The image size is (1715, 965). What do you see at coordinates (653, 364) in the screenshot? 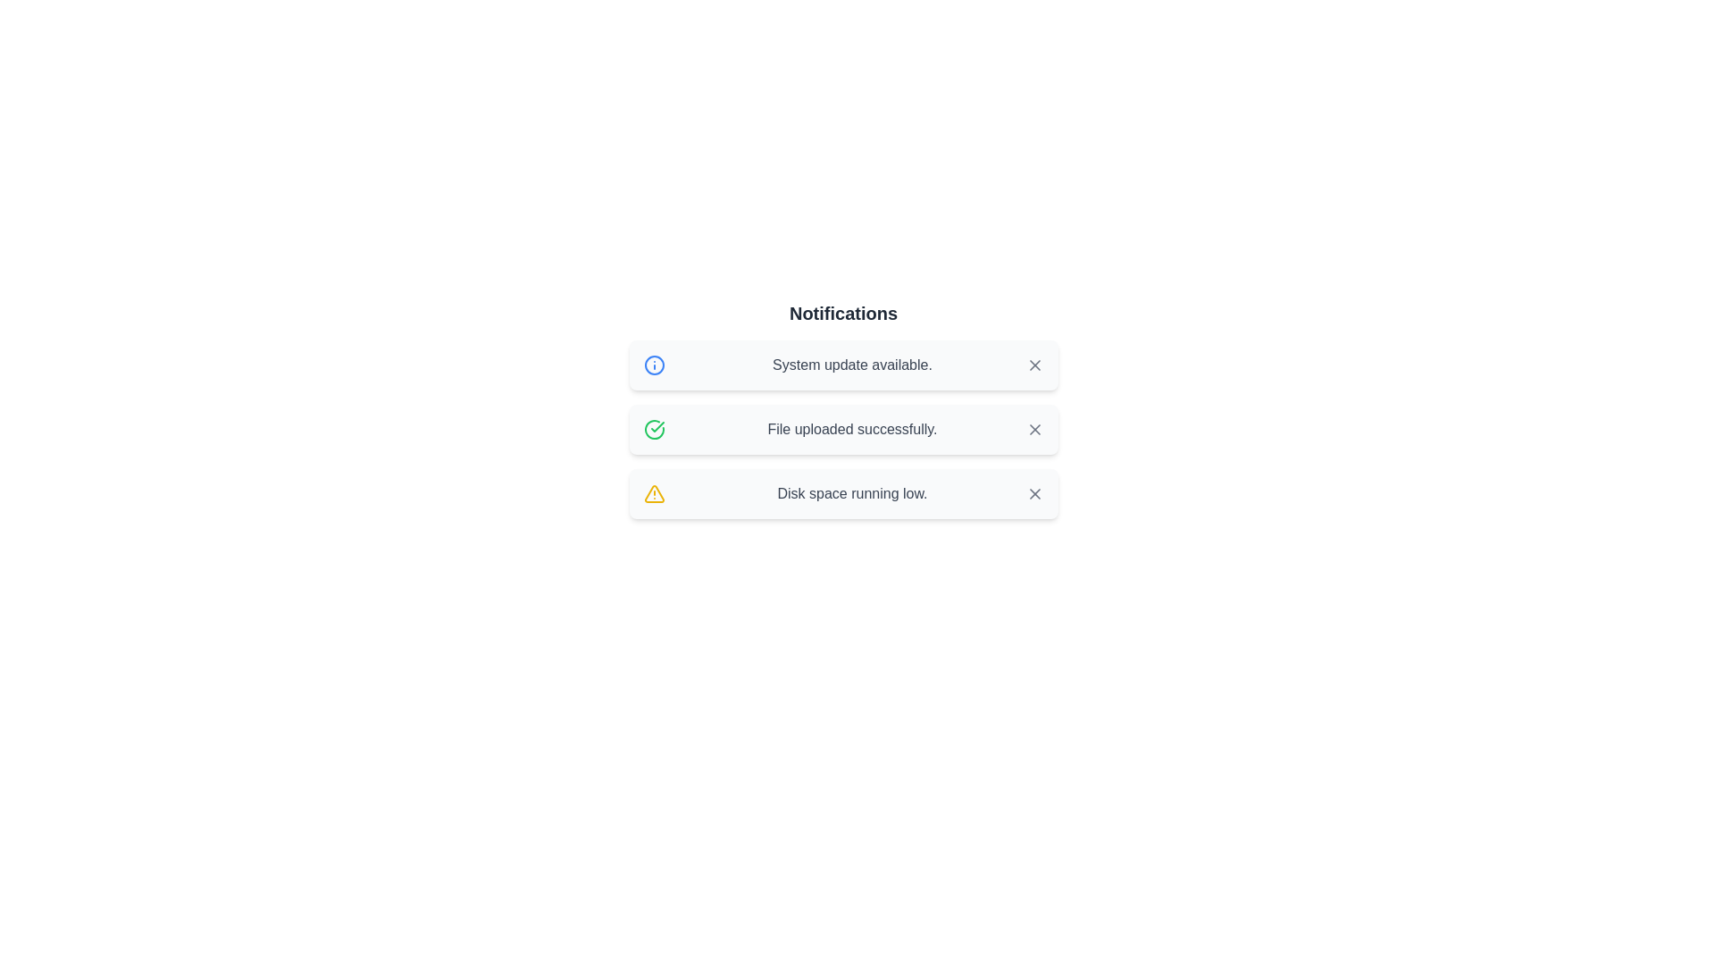
I see `the decorative Circle element within the blue-colored 'info' icon, which indicates notifications related to 'System update available.'` at bounding box center [653, 364].